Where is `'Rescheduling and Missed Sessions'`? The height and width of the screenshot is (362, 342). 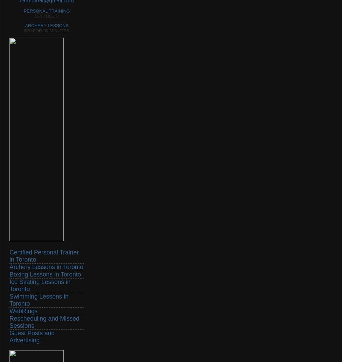 'Rescheduling and Missed Sessions' is located at coordinates (9, 322).